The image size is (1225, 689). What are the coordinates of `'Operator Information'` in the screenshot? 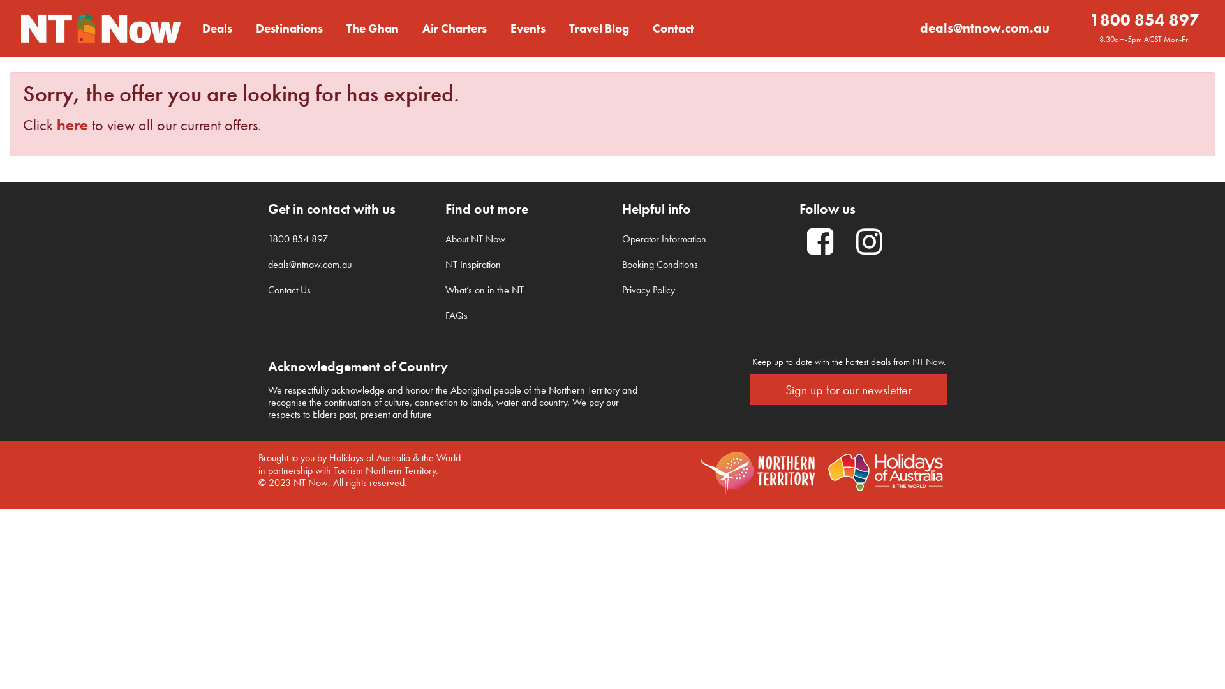 It's located at (621, 239).